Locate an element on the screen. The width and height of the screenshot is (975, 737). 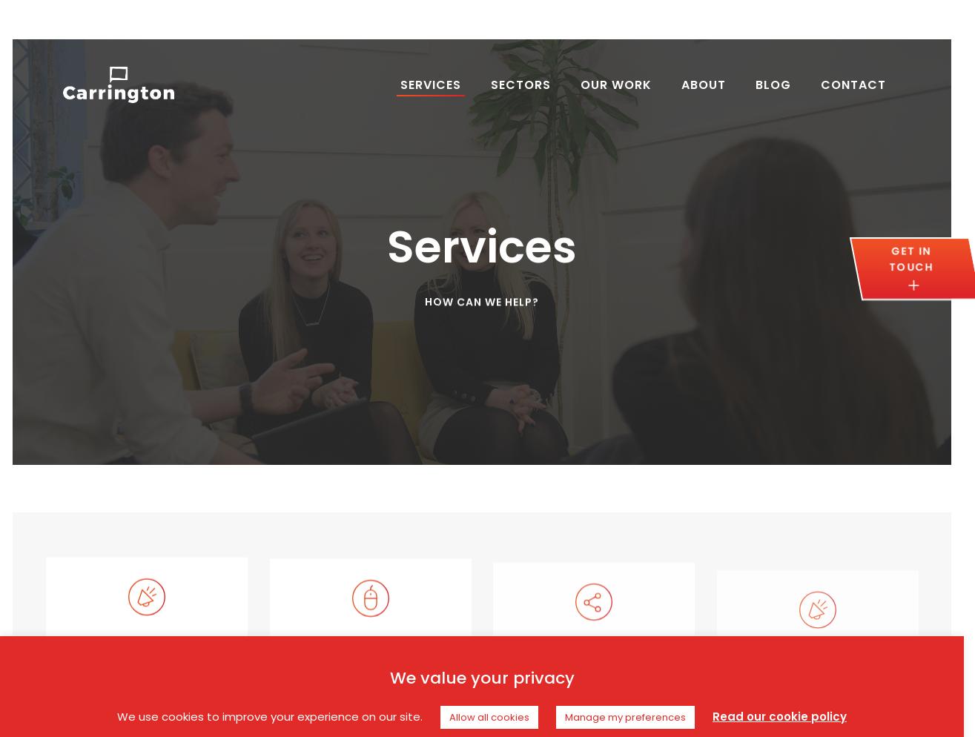
'Sectors' is located at coordinates (520, 84).